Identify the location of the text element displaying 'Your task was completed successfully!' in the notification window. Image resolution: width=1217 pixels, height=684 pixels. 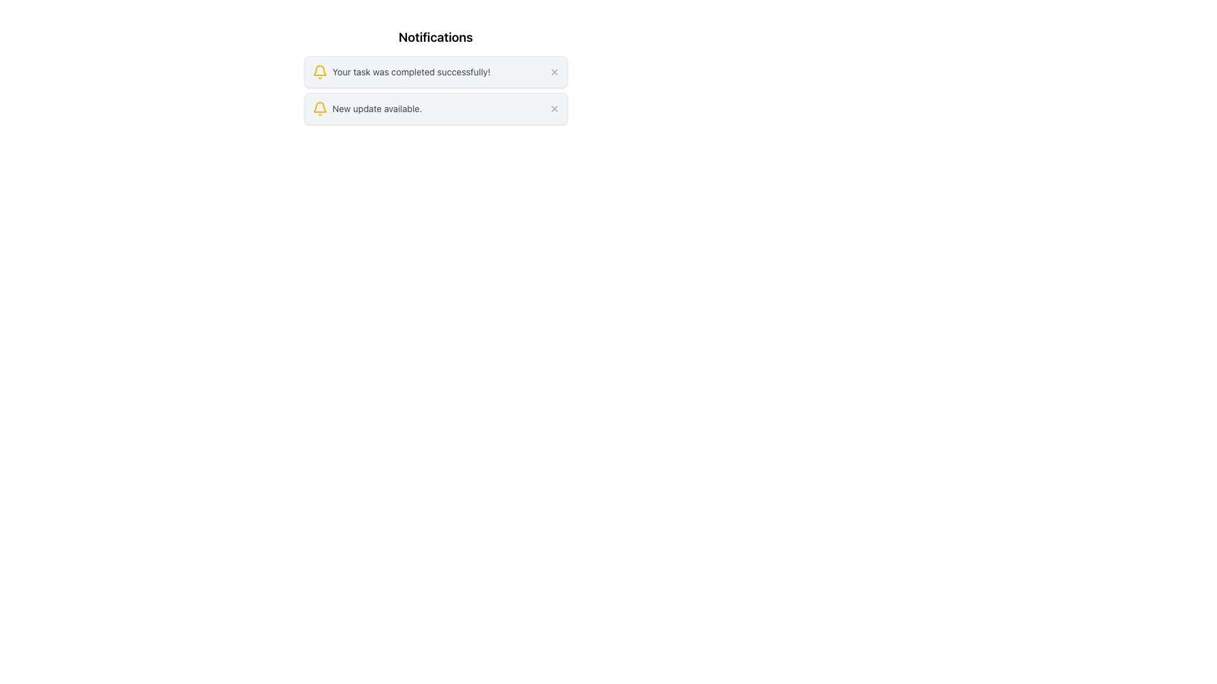
(411, 72).